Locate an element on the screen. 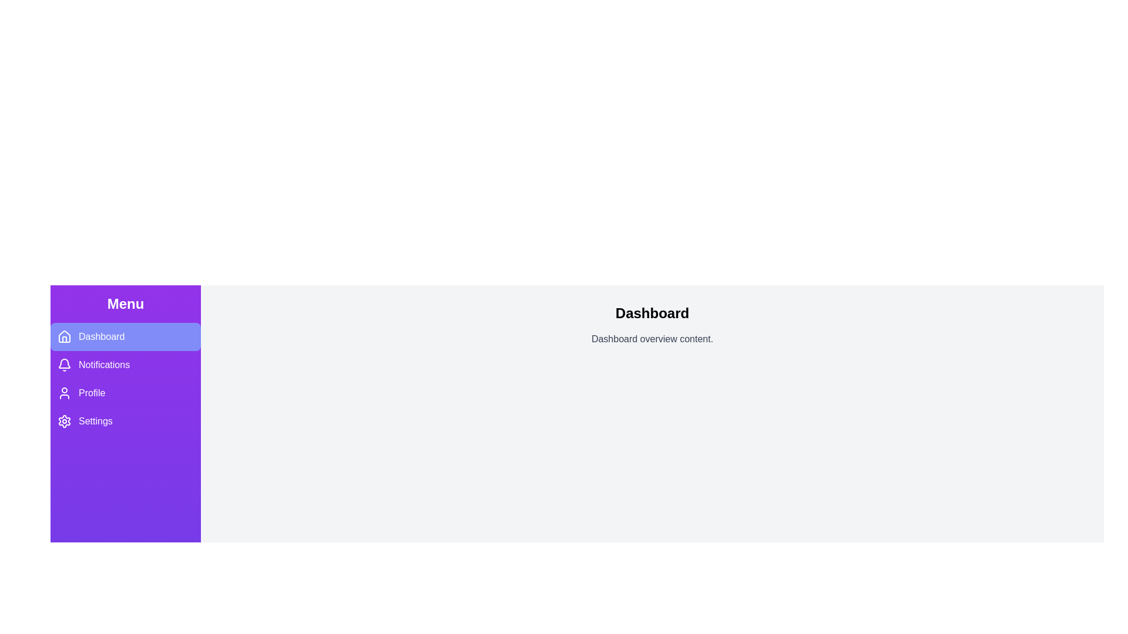 The image size is (1128, 634). the house icon in the vertical navigation menu next to the 'Dashboard' label is located at coordinates (64, 336).